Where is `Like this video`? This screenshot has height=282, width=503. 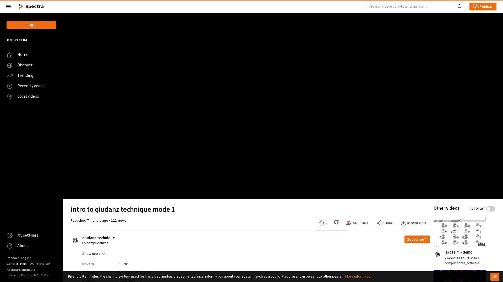
Like this video is located at coordinates (323, 223).